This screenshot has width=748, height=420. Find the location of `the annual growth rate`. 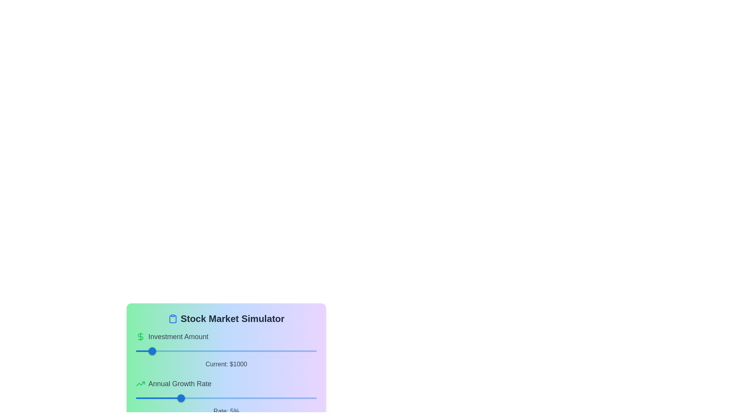

the annual growth rate is located at coordinates (159, 398).